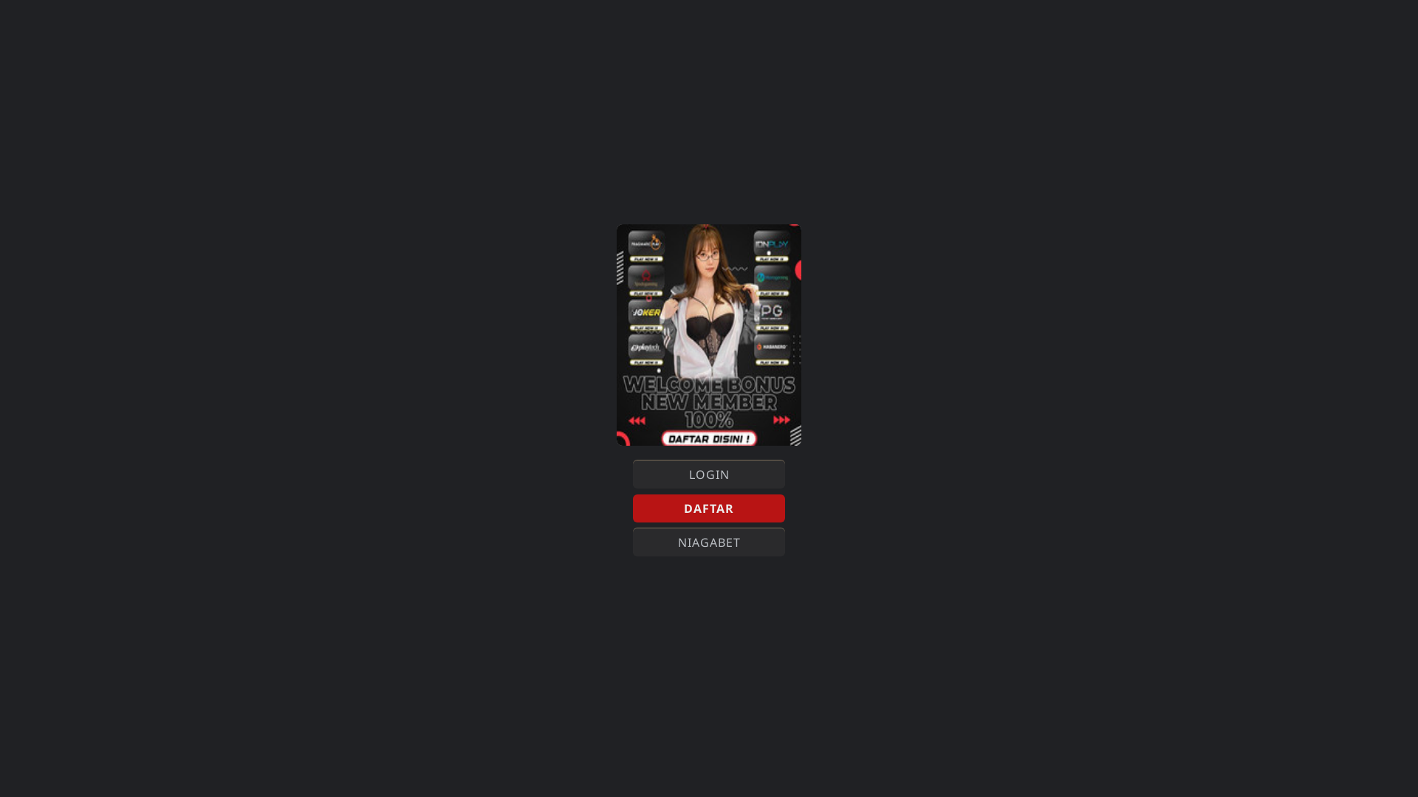 This screenshot has height=797, width=1418. What do you see at coordinates (709, 542) in the screenshot?
I see `'NIAGABET'` at bounding box center [709, 542].